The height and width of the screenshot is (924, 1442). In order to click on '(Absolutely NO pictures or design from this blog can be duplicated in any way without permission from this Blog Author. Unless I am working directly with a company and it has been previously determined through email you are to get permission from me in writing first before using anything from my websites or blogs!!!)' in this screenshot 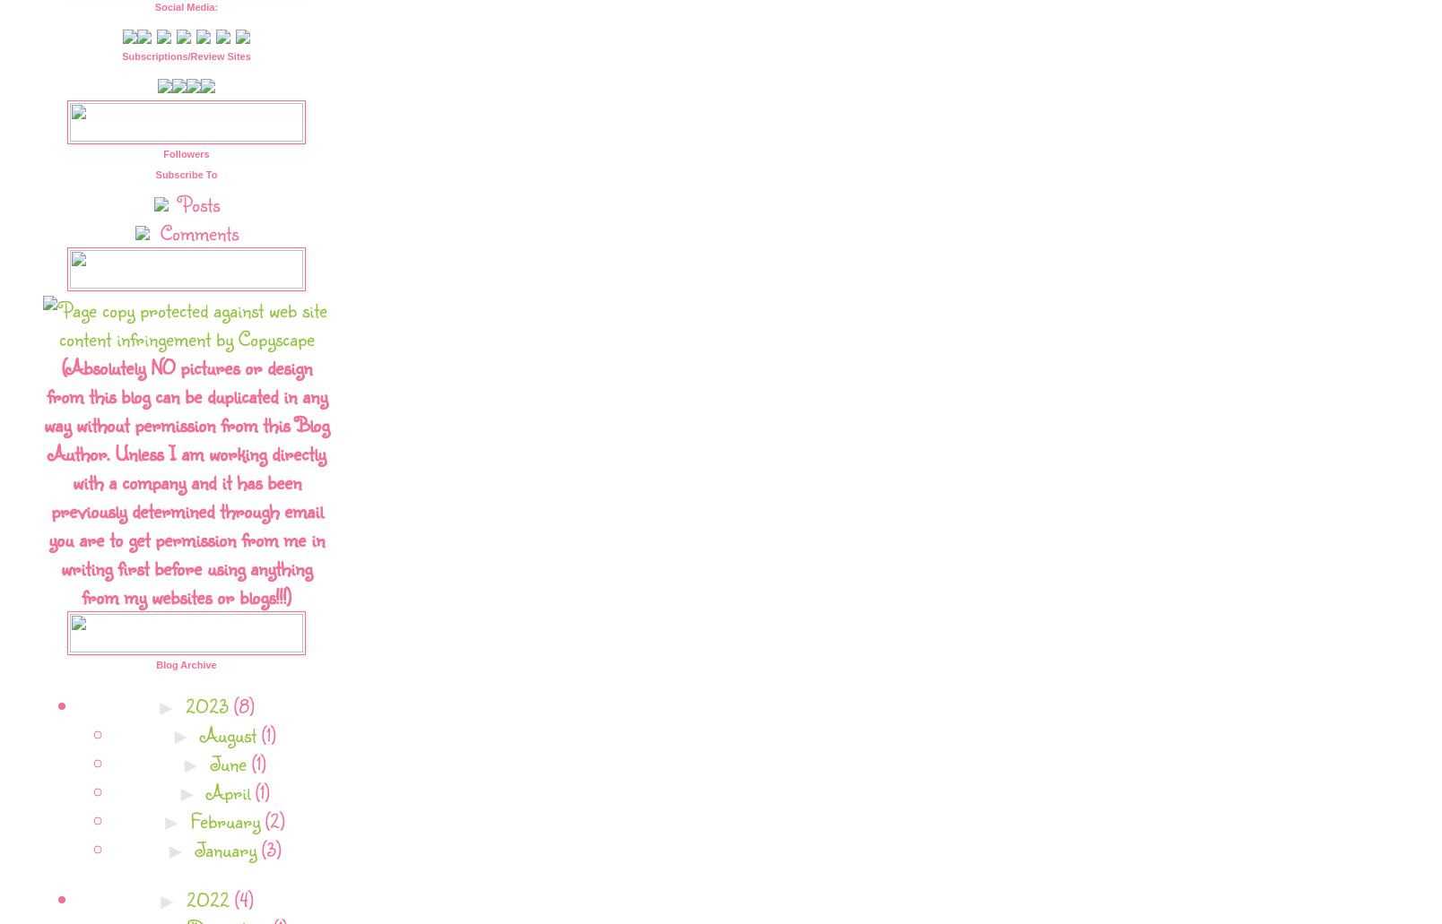, I will do `click(187, 479)`.